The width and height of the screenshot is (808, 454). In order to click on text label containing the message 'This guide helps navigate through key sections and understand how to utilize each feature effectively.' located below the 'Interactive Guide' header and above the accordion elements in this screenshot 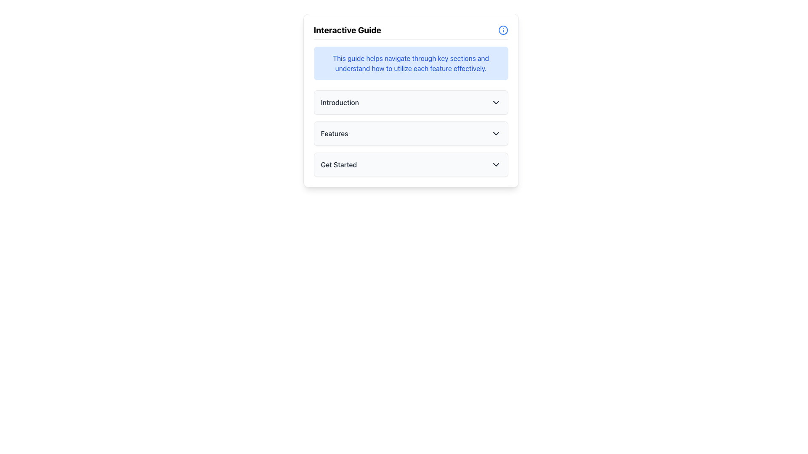, I will do `click(411, 63)`.